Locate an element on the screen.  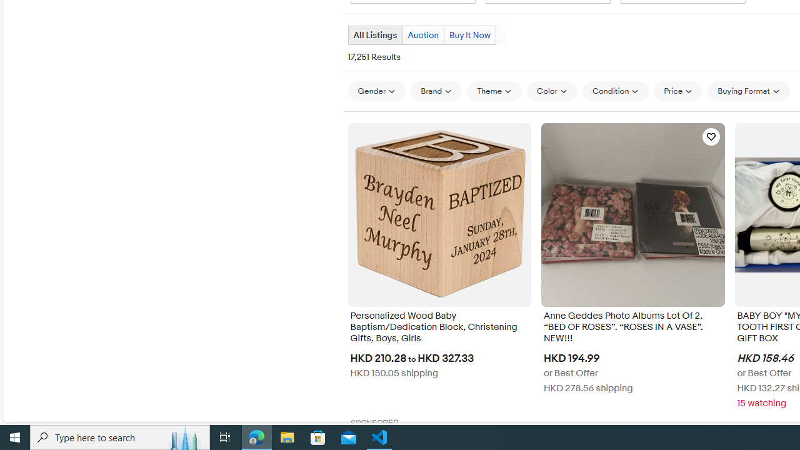
'Brand' is located at coordinates (436, 91).